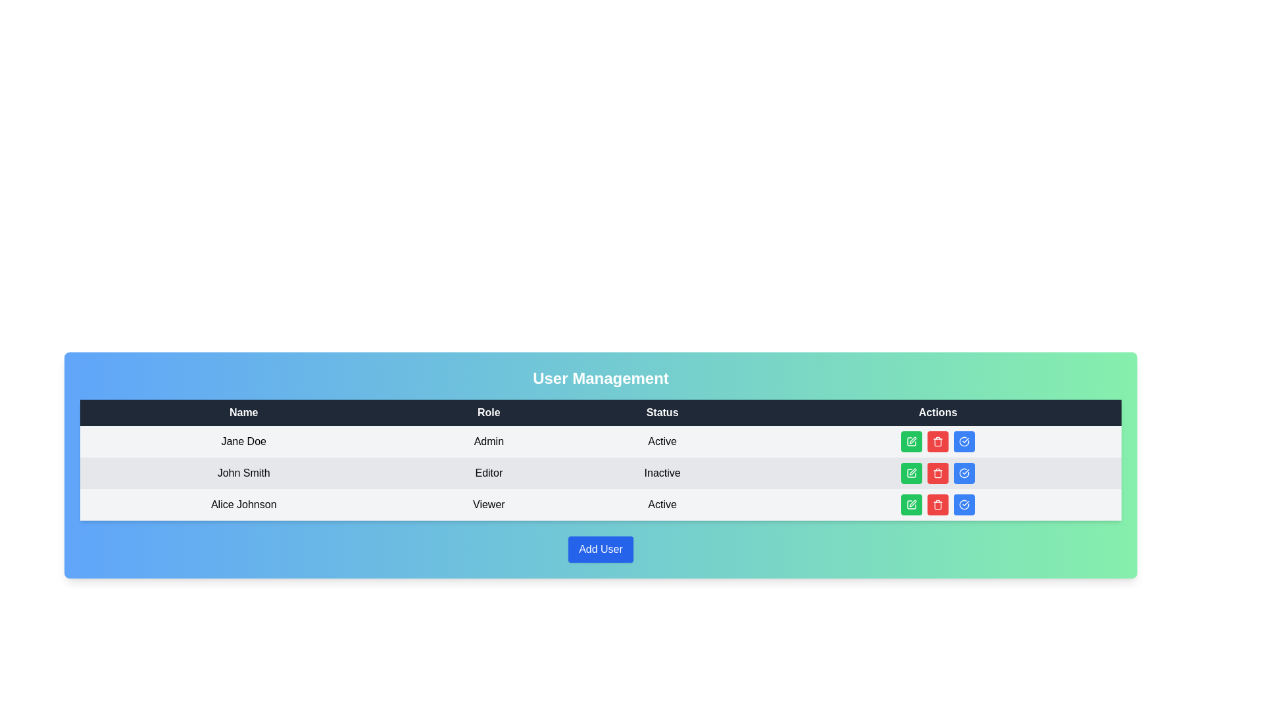 The image size is (1263, 710). I want to click on the delete button in the user management table, which is the second button from the left in the actions column, so click(937, 441).